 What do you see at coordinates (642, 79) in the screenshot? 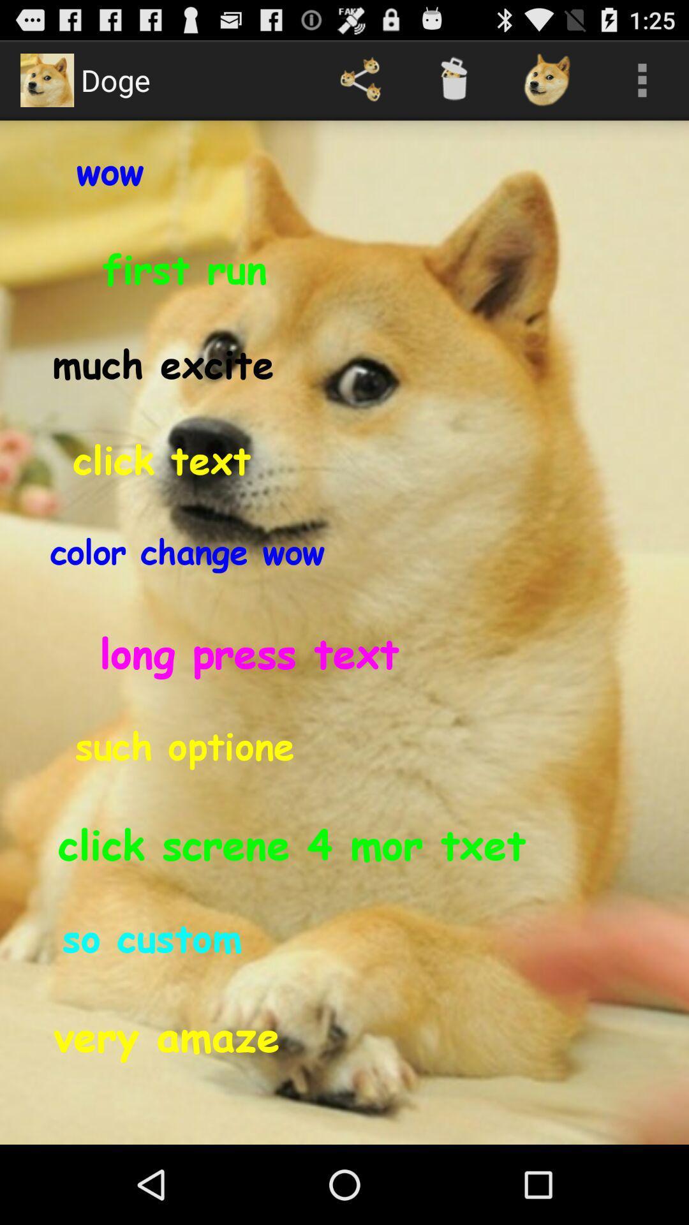
I see `three dots at the top right corner` at bounding box center [642, 79].